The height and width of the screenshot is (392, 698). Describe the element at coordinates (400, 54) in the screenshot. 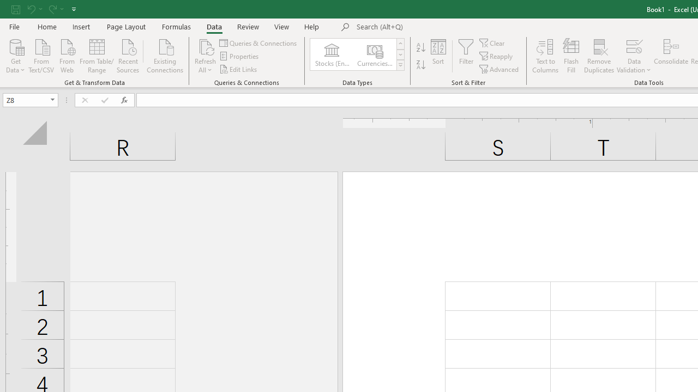

I see `'Row Down'` at that location.